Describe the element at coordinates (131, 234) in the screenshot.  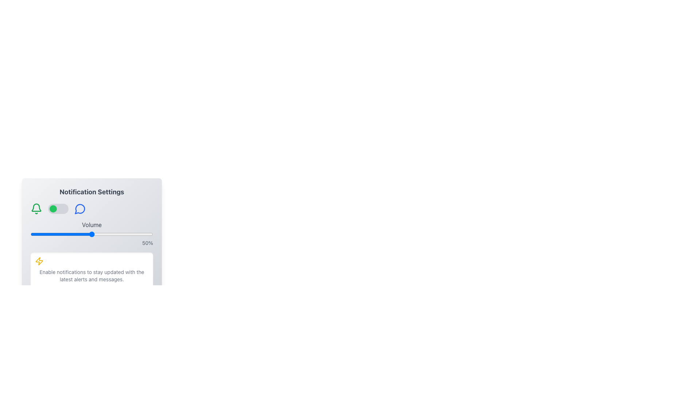
I see `the volume` at that location.